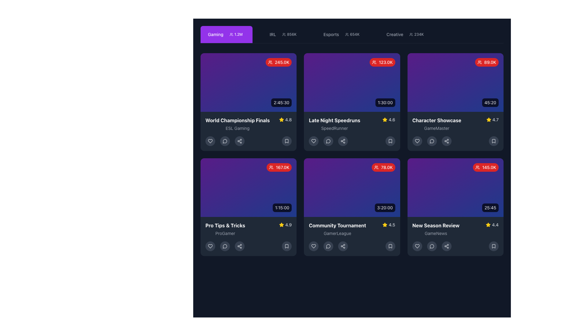 The height and width of the screenshot is (330, 587). What do you see at coordinates (282, 207) in the screenshot?
I see `the label displaying the time '1:15:00' with a black background and white text, located in the bottom-right corner of the 'Pro Tips & Tricks' card` at bounding box center [282, 207].